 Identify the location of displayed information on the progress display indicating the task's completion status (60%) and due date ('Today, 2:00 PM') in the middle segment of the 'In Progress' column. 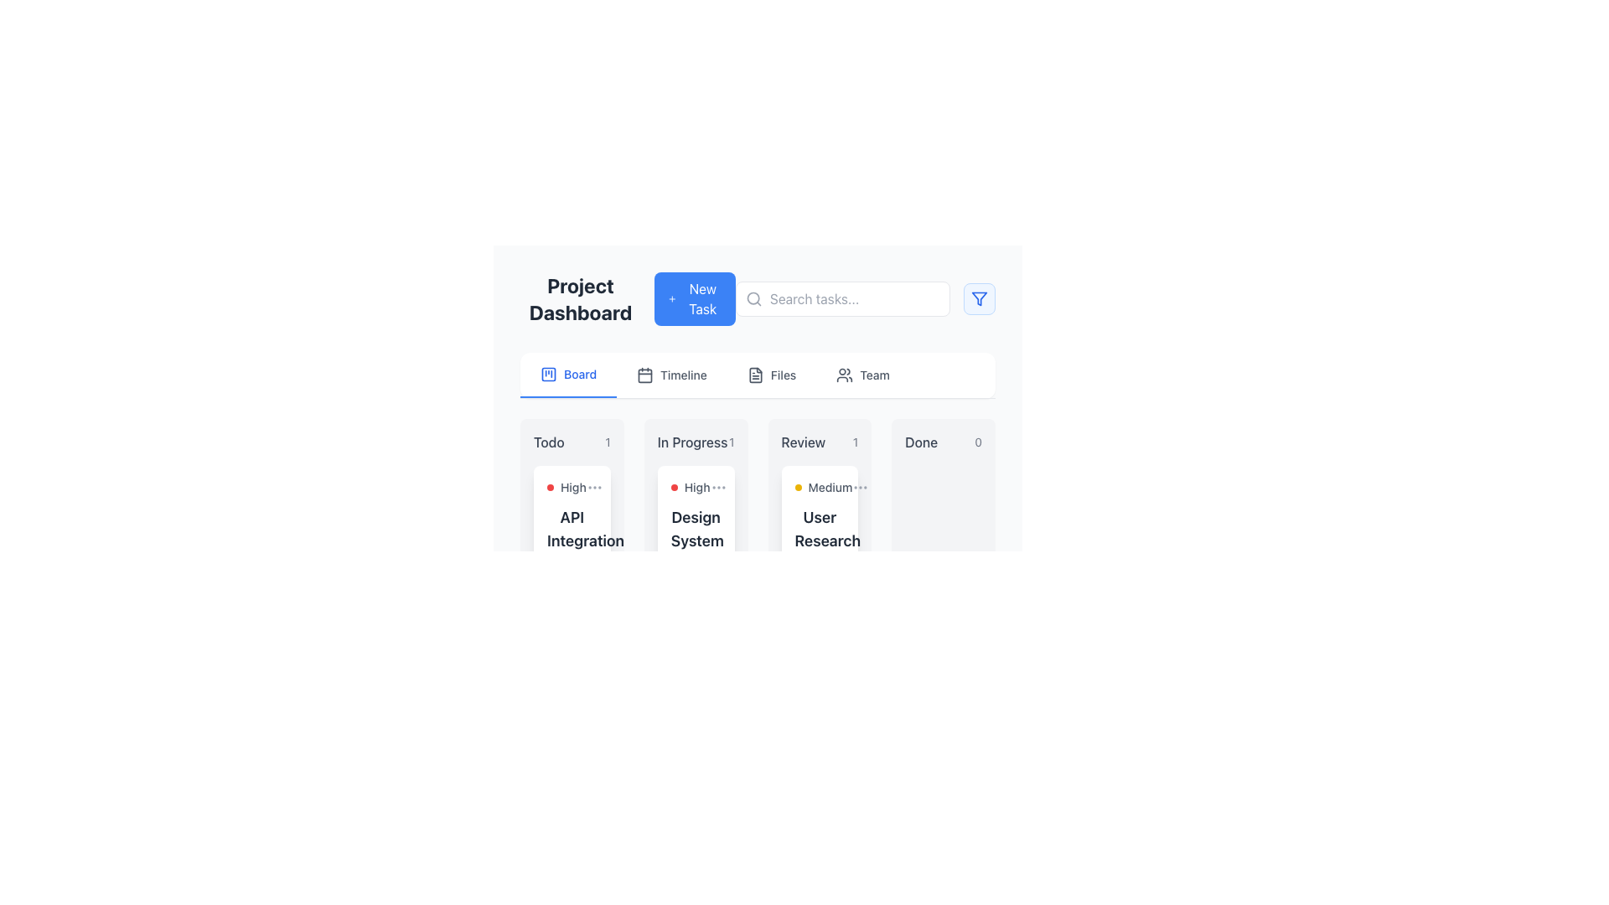
(696, 641).